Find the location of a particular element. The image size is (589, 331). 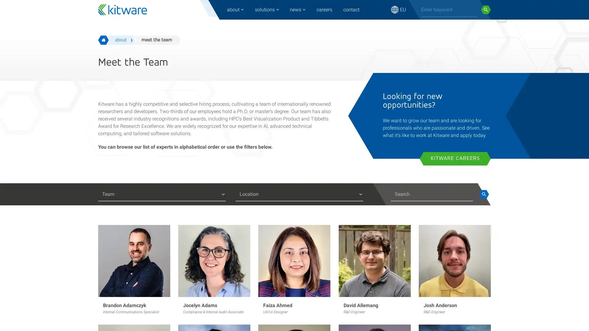

Search is located at coordinates (486, 10).